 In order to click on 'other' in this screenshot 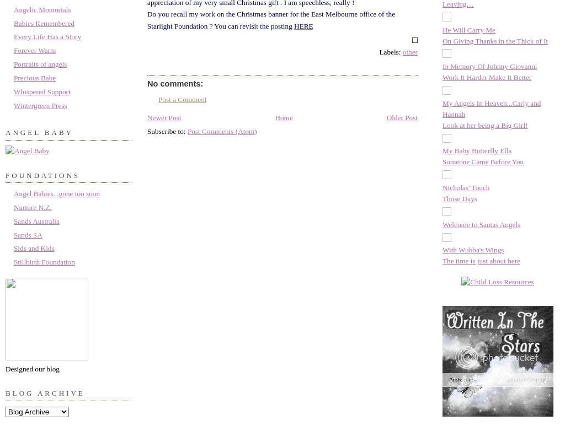, I will do `click(409, 51)`.